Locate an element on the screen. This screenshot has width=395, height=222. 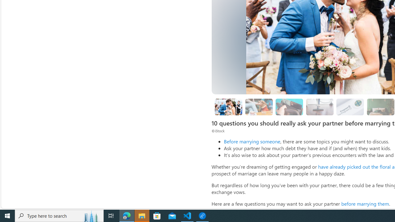
'Before marrying someone' is located at coordinates (252, 141).